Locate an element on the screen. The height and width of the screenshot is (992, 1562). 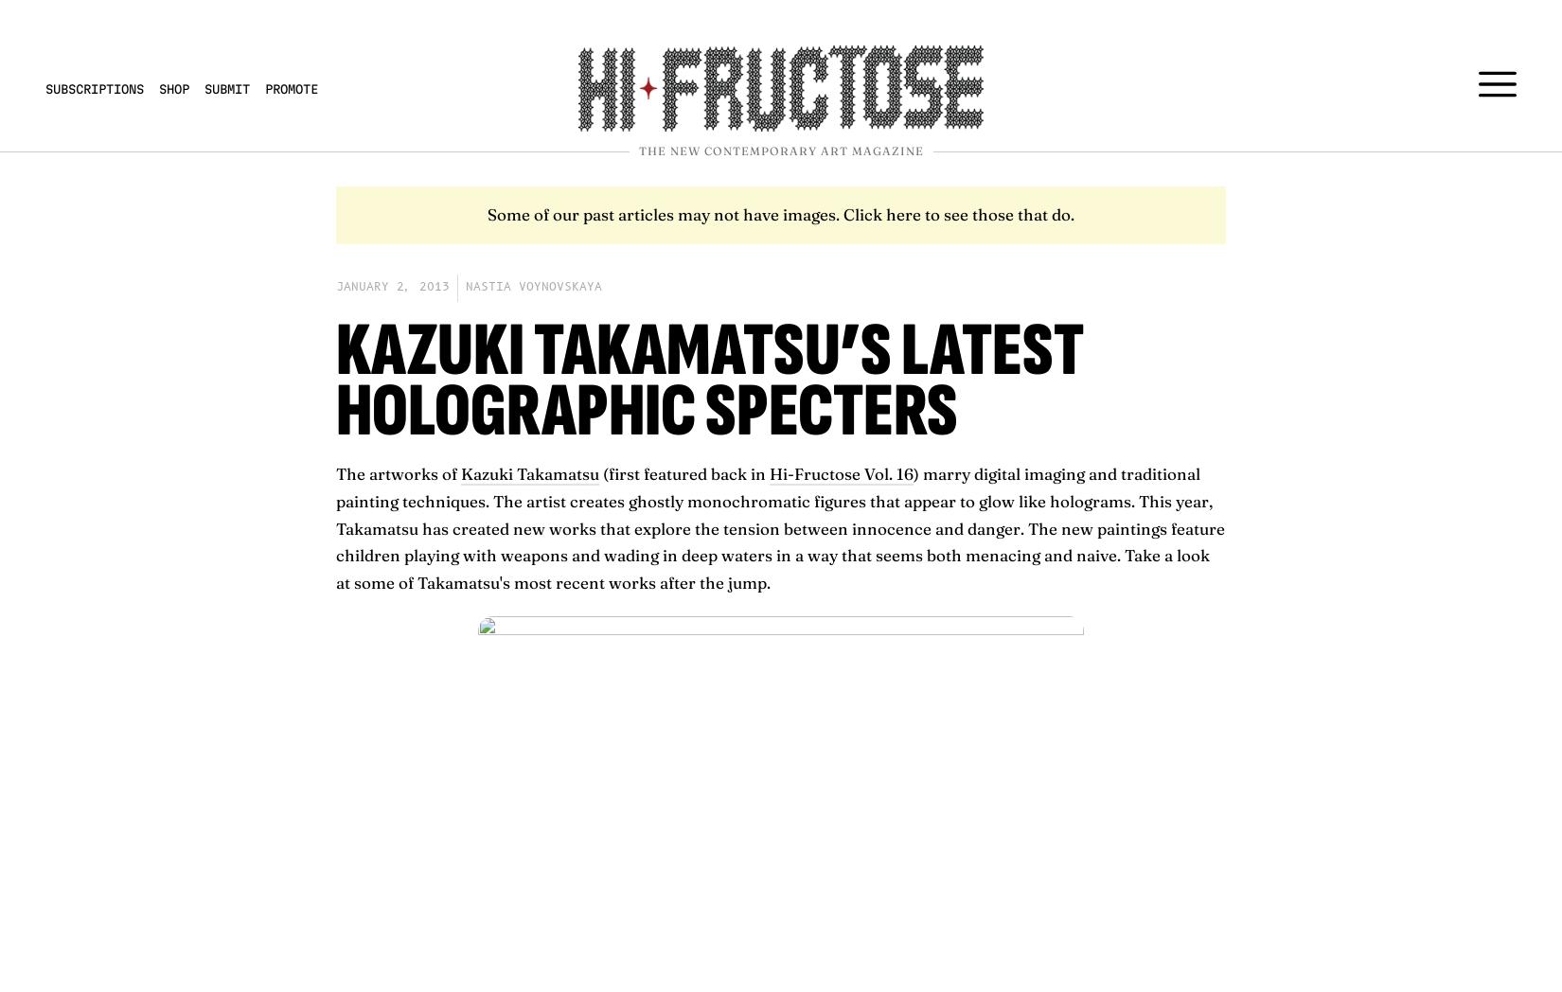
'Nastia Voynovskaya' is located at coordinates (532, 286).